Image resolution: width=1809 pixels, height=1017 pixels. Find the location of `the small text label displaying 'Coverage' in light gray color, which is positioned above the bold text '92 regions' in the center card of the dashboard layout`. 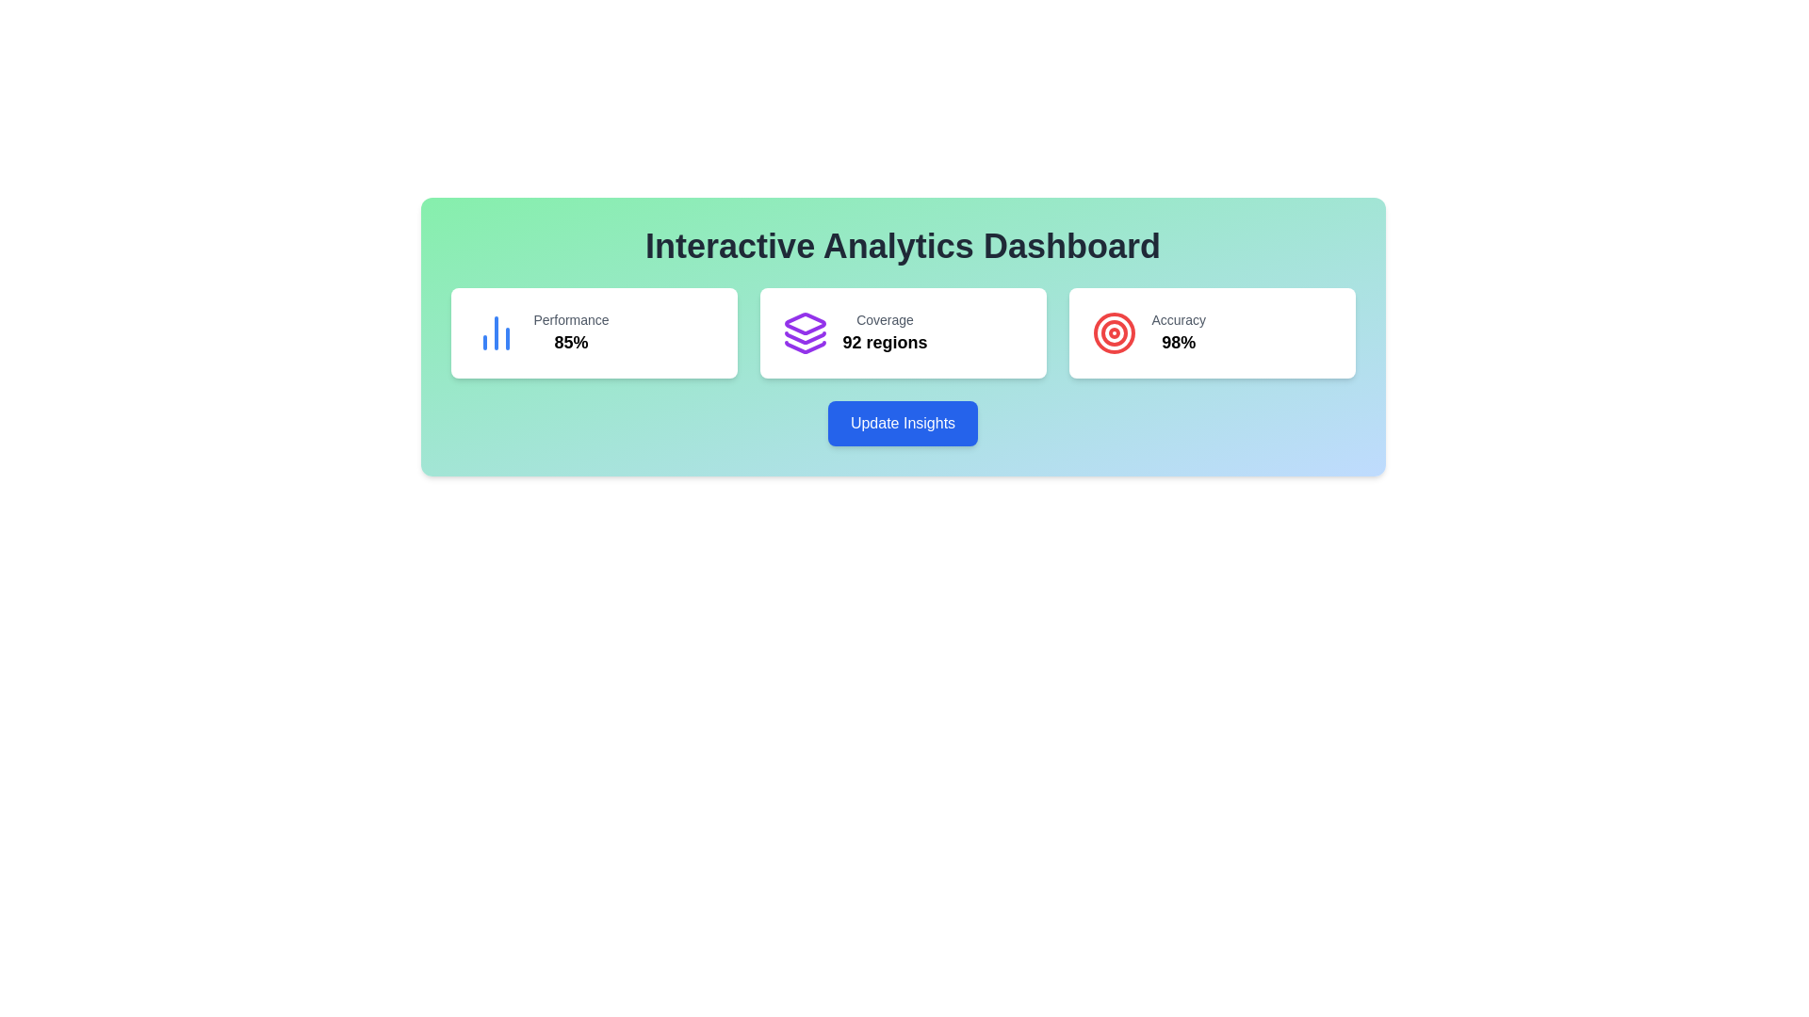

the small text label displaying 'Coverage' in light gray color, which is positioned above the bold text '92 regions' in the center card of the dashboard layout is located at coordinates (884, 318).